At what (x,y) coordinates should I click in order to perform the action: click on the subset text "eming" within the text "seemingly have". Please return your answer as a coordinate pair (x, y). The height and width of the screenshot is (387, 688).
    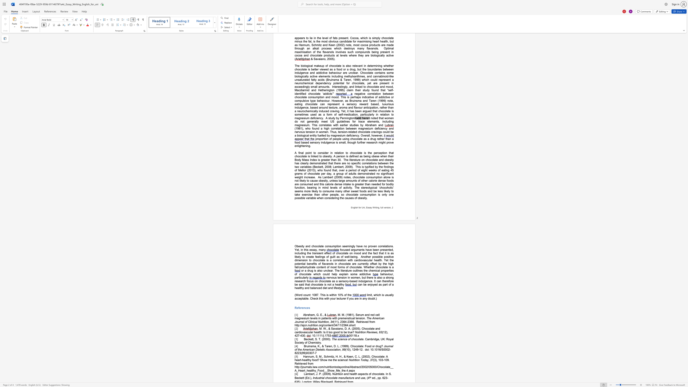
    Looking at the image, I should click on (345, 246).